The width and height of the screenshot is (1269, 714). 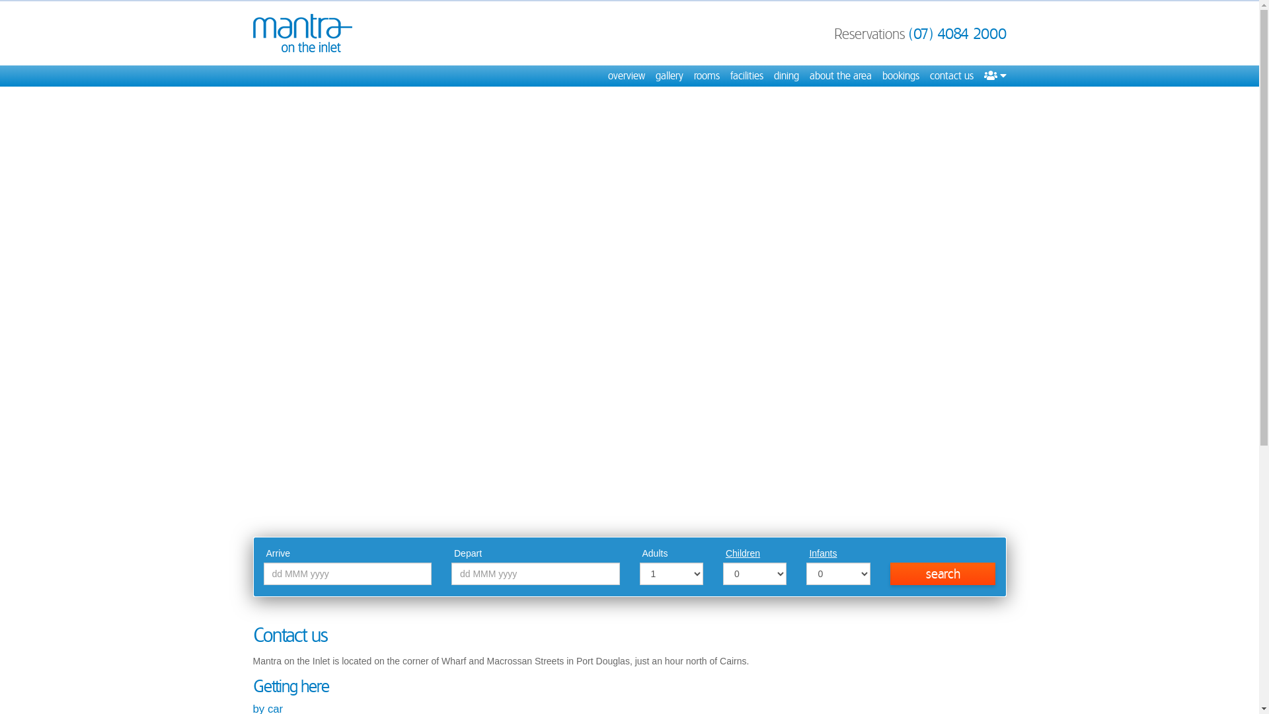 I want to click on 'about the area', so click(x=839, y=76).